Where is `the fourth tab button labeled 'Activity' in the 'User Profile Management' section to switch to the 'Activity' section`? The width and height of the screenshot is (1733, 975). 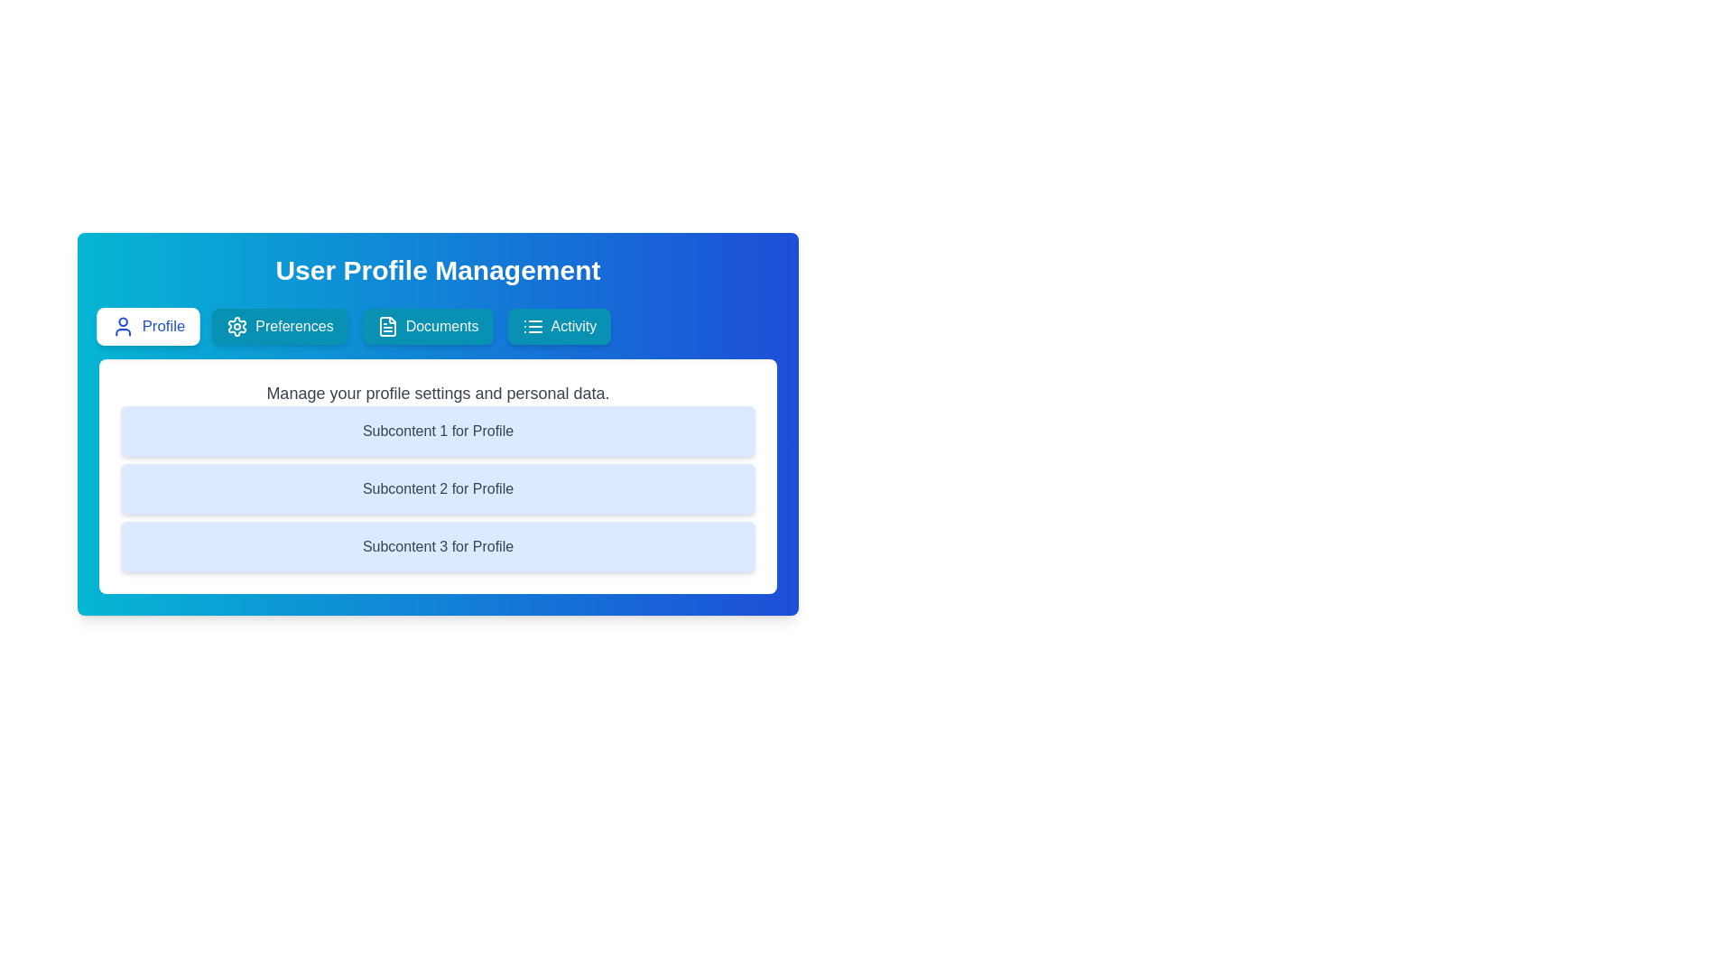 the fourth tab button labeled 'Activity' in the 'User Profile Management' section to switch to the 'Activity' section is located at coordinates (558, 327).